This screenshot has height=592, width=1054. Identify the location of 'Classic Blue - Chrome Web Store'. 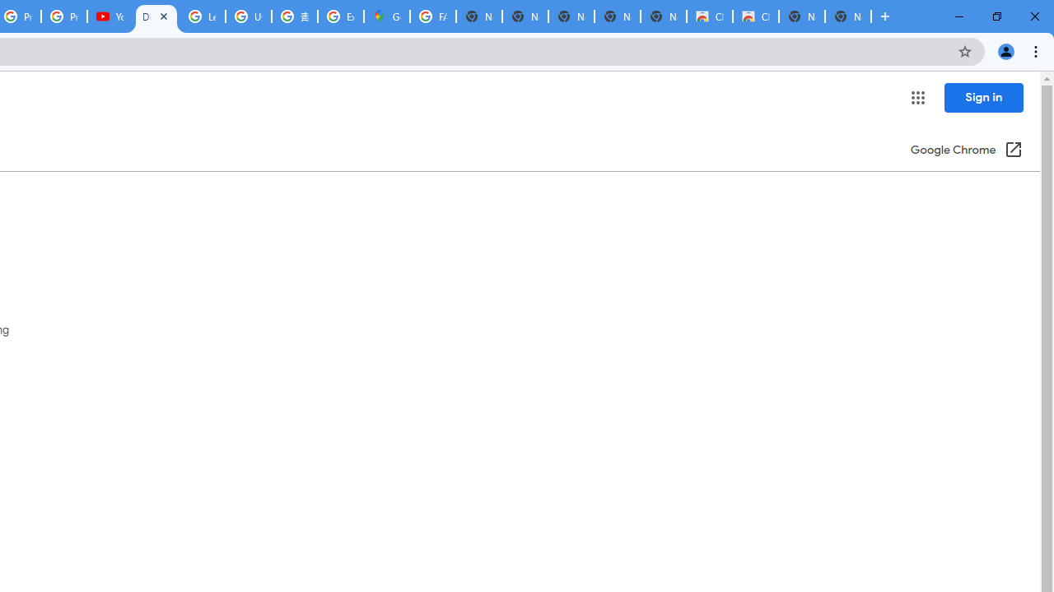
(710, 16).